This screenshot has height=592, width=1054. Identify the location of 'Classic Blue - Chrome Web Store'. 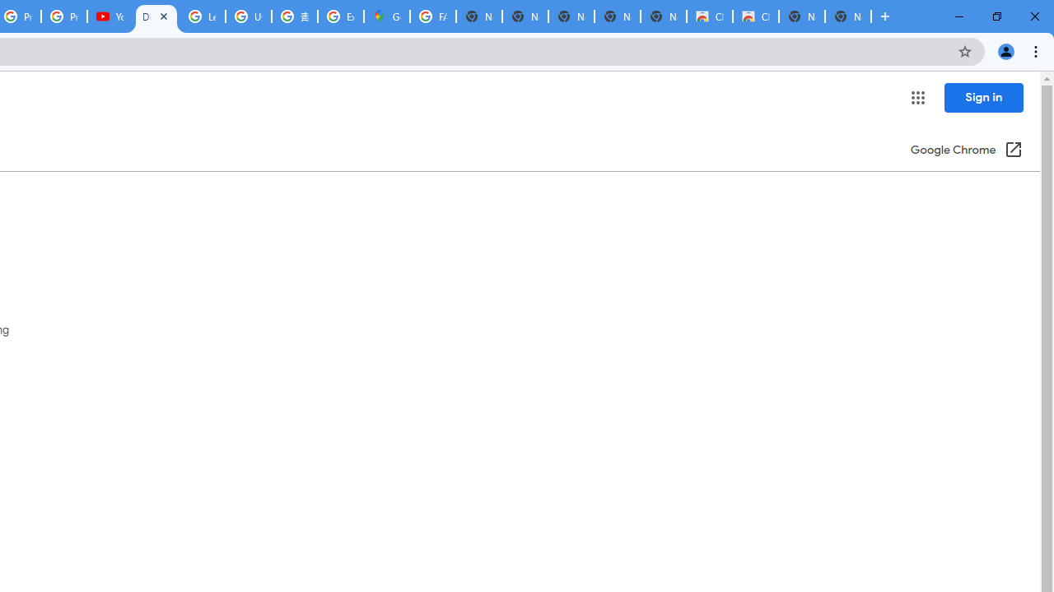
(710, 16).